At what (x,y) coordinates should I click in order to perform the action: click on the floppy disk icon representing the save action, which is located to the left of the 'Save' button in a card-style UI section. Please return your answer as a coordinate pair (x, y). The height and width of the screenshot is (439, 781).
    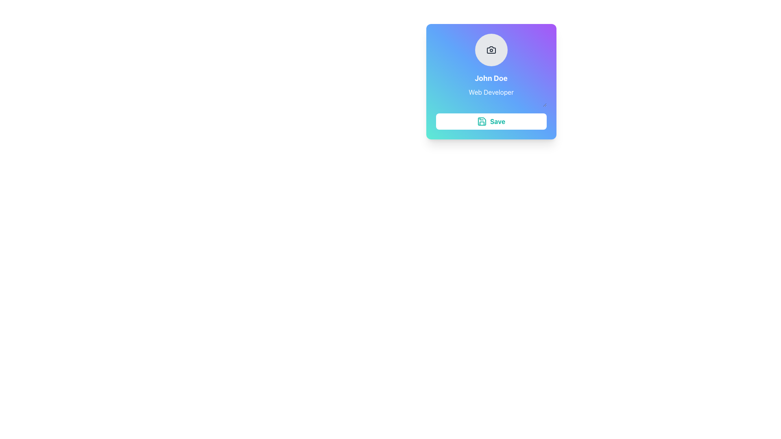
    Looking at the image, I should click on (482, 122).